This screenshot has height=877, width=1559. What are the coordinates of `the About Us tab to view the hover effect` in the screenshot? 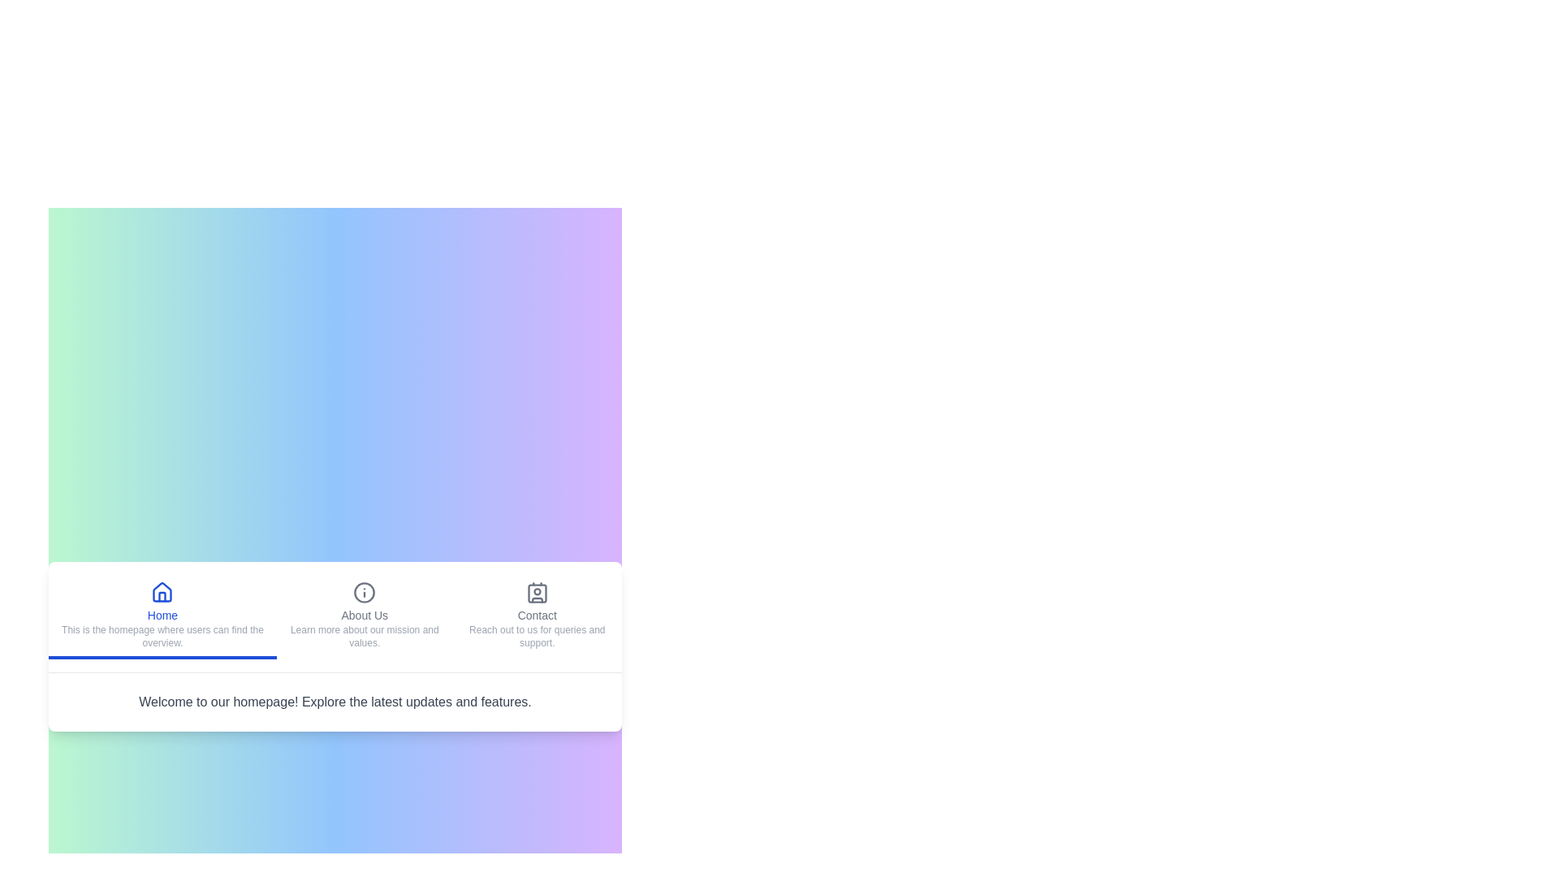 It's located at (364, 616).